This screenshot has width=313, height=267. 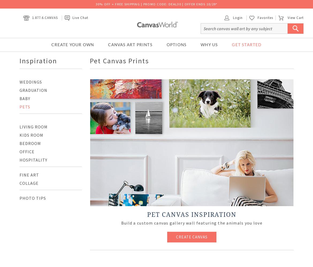 What do you see at coordinates (44, 17) in the screenshot?
I see `'1.877.6.CANVAS'` at bounding box center [44, 17].